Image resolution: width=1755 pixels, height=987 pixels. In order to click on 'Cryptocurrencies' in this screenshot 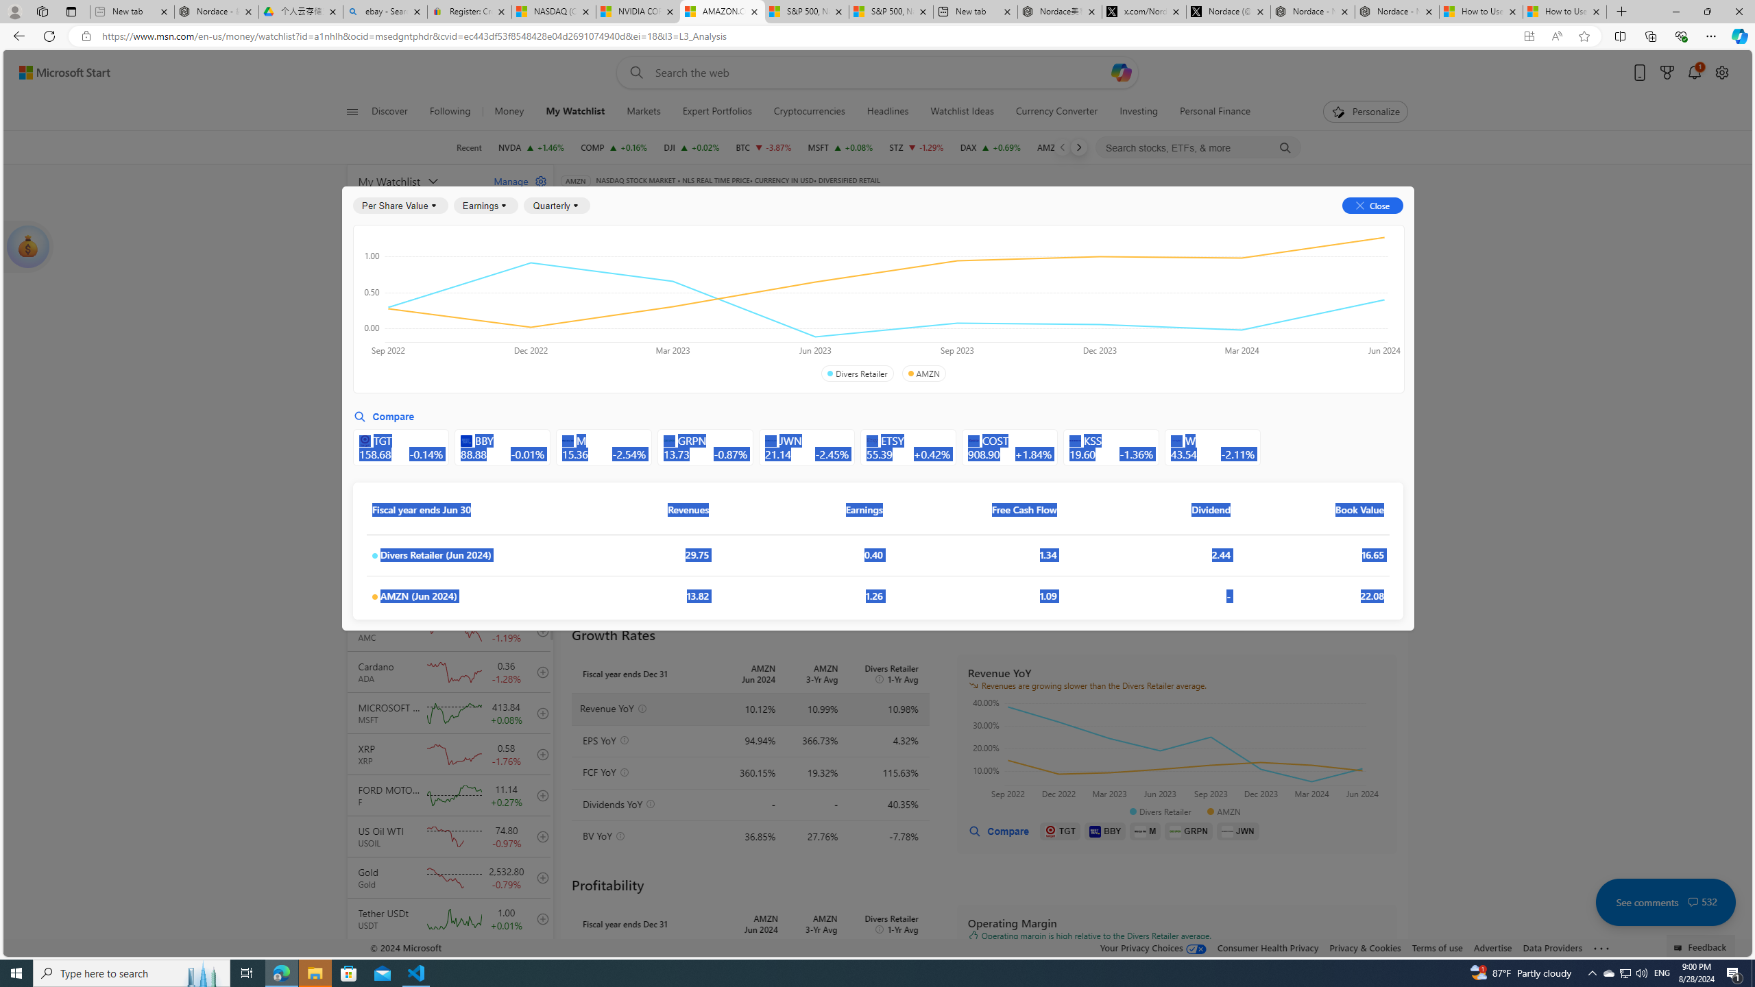, I will do `click(808, 111)`.